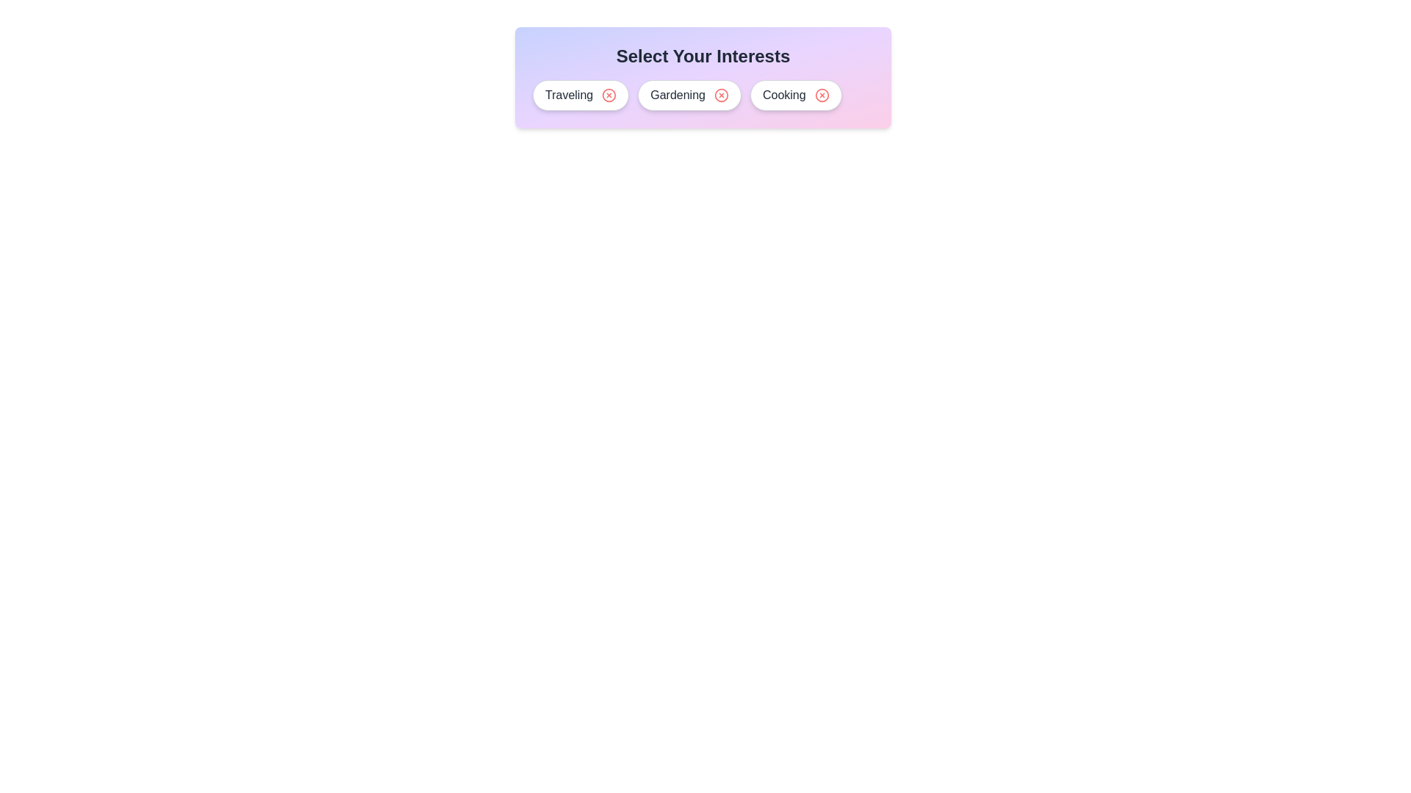 This screenshot has width=1411, height=793. I want to click on the interest tag Cooking to observe its hover effect, so click(795, 95).